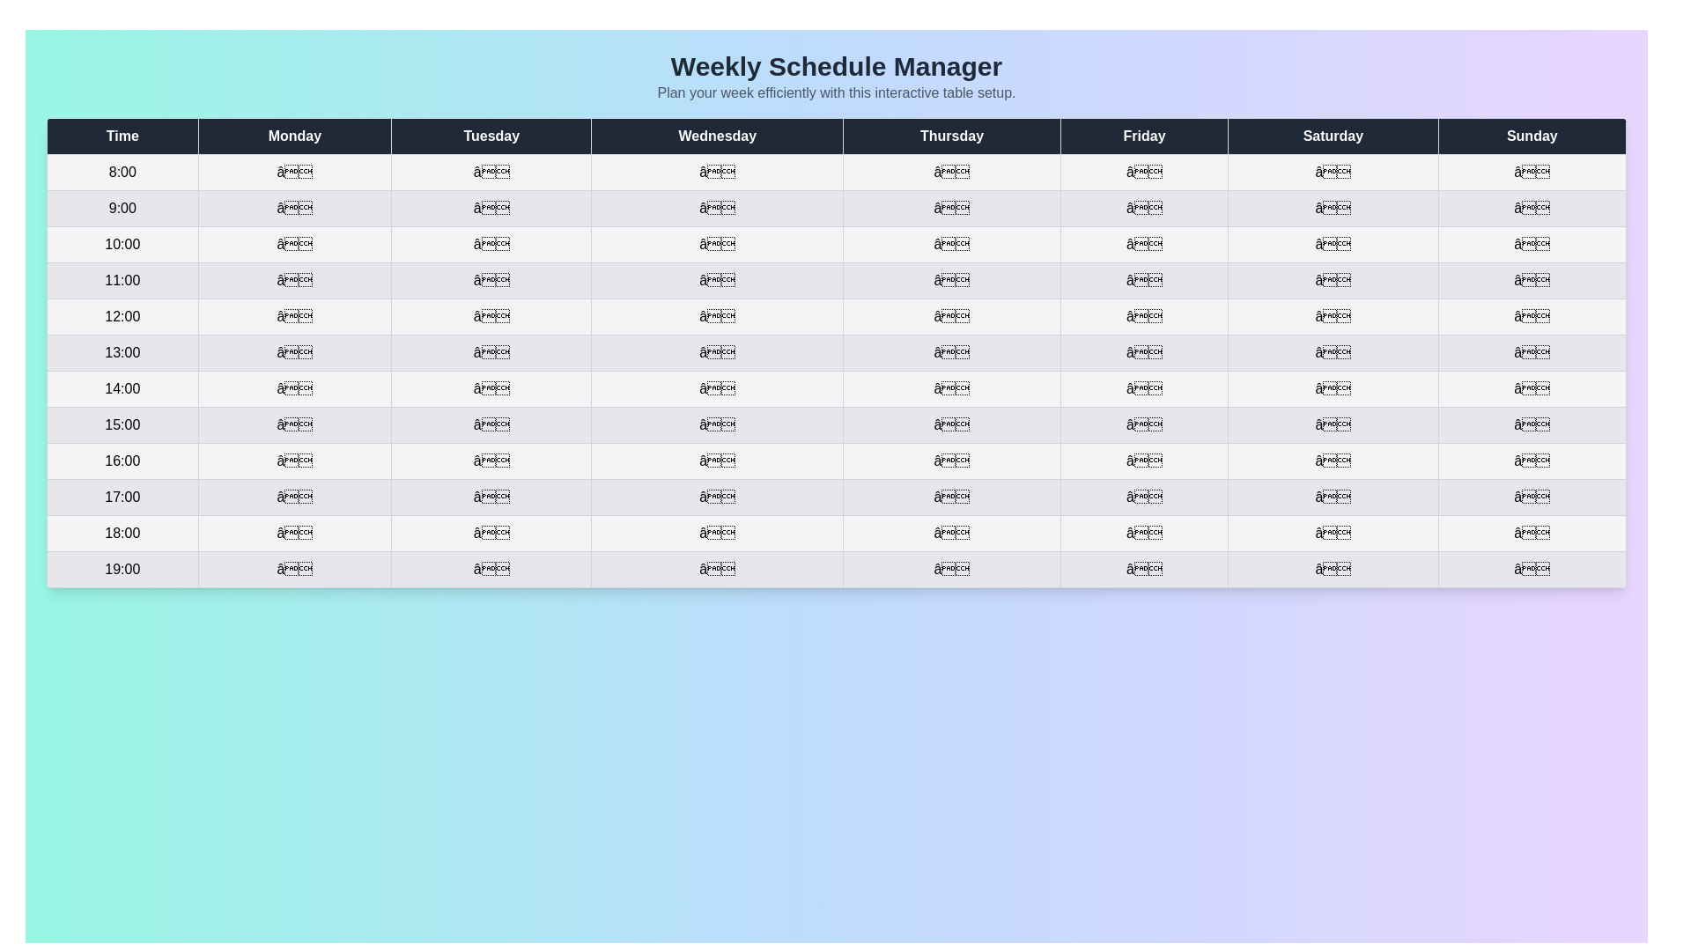 This screenshot has height=951, width=1691. Describe the element at coordinates (491, 135) in the screenshot. I see `the header cell labeled Tuesday to sort by that column` at that location.